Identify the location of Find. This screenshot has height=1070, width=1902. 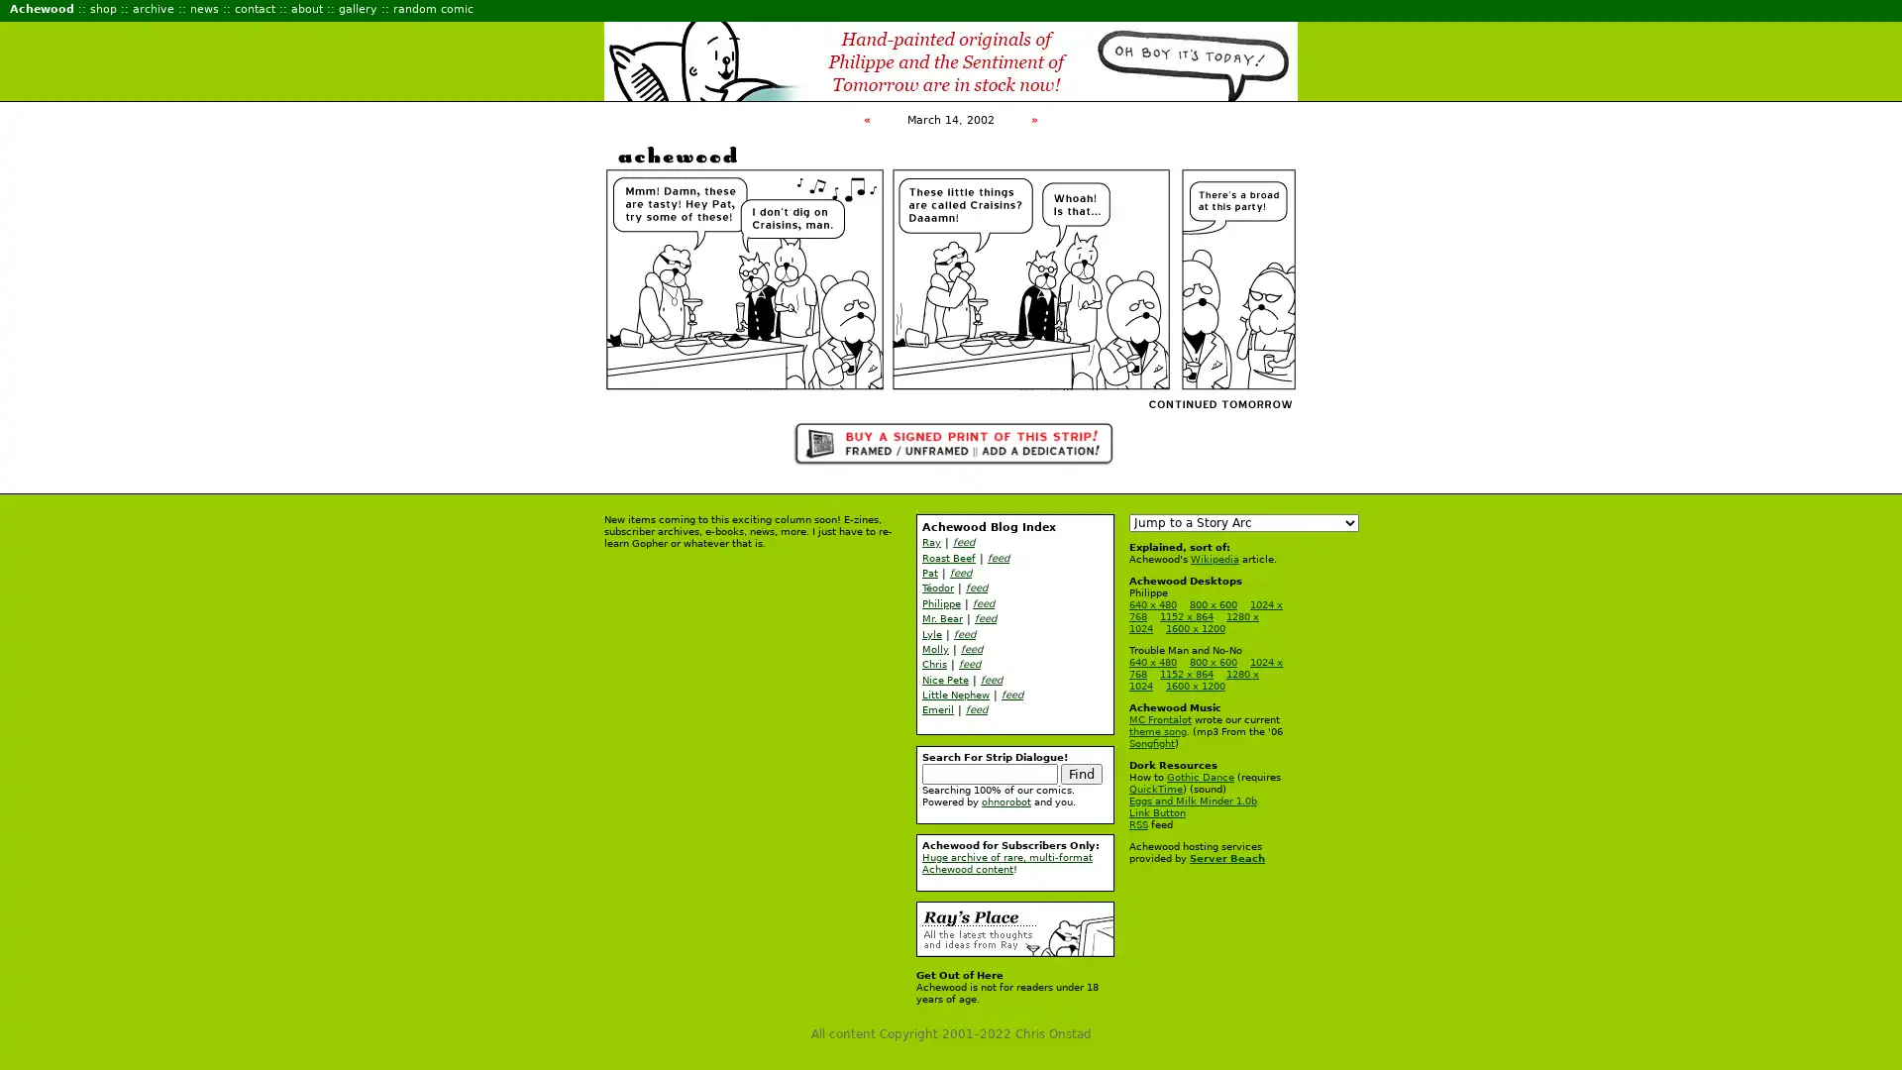
(1081, 772).